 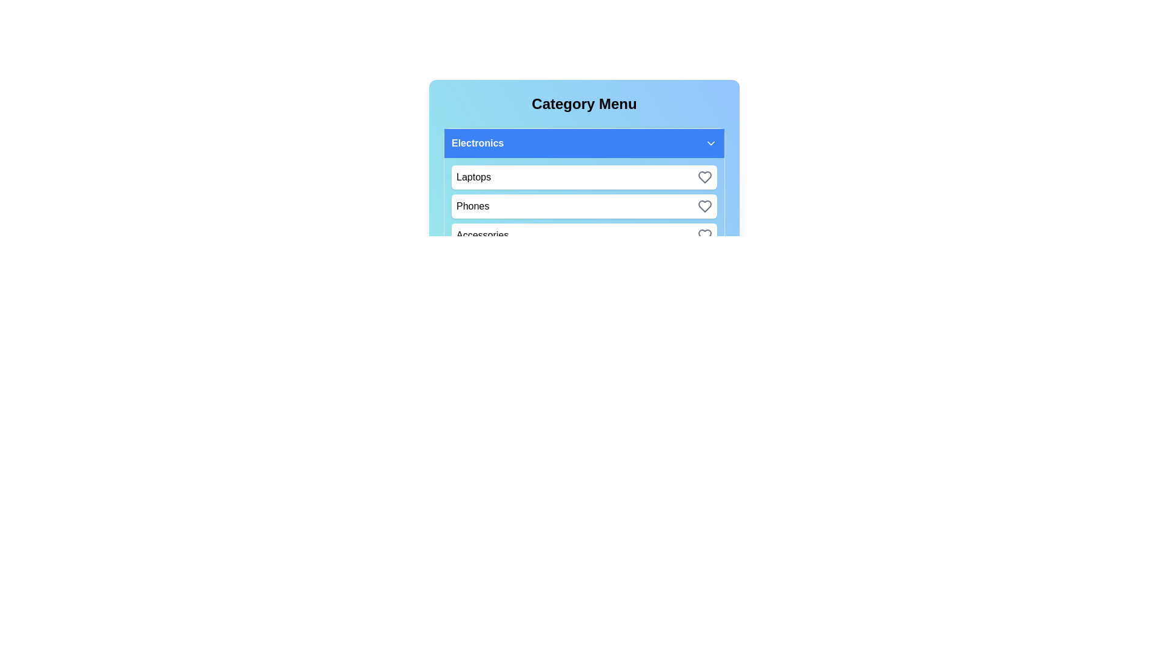 I want to click on the 'Phones' button, which is a rectangular, rounded UI component located under the 'Electronics' category, between 'Laptops' and 'Accessories', so click(x=584, y=205).